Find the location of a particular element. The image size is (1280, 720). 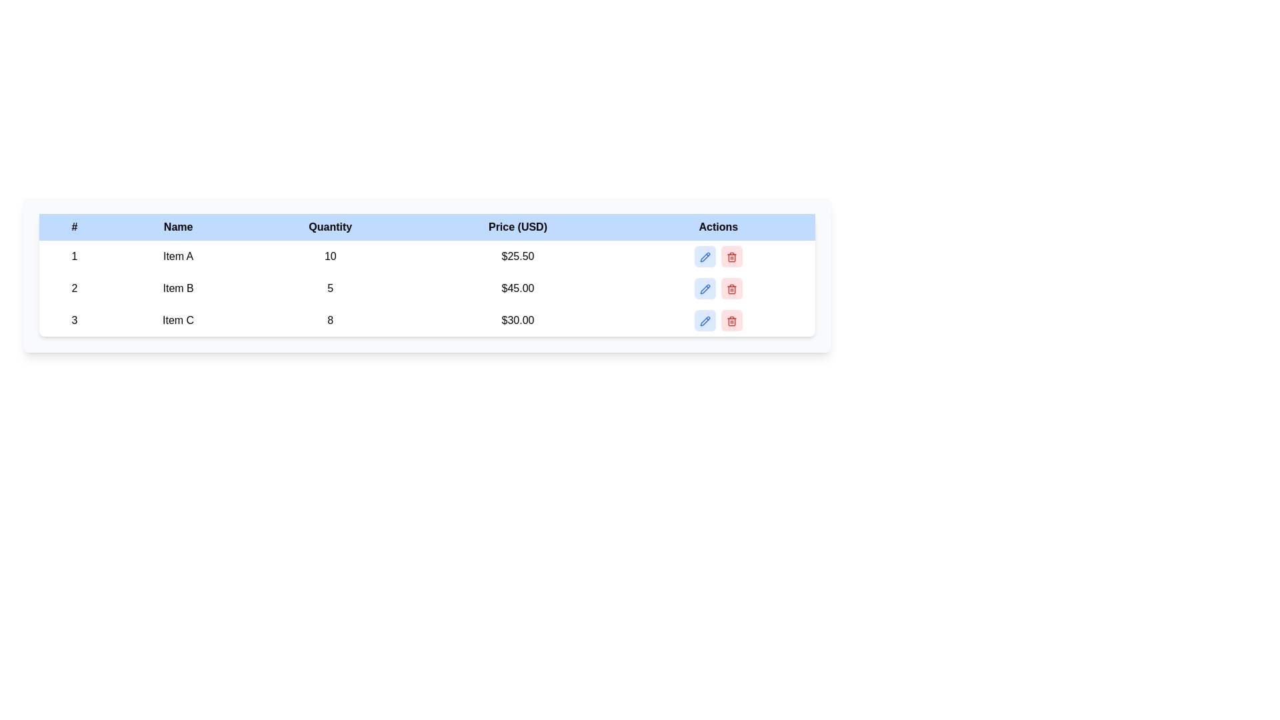

the text label representing the product name in the second row of the table under the 'Name' column is located at coordinates (177, 287).